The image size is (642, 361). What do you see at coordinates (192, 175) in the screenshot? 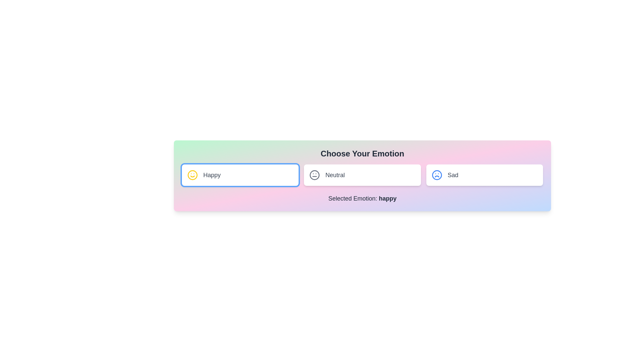
I see `the circular yellow smiley face icon, which is positioned to the left of the text label 'Happy' within a white rounded rectangular button` at bounding box center [192, 175].